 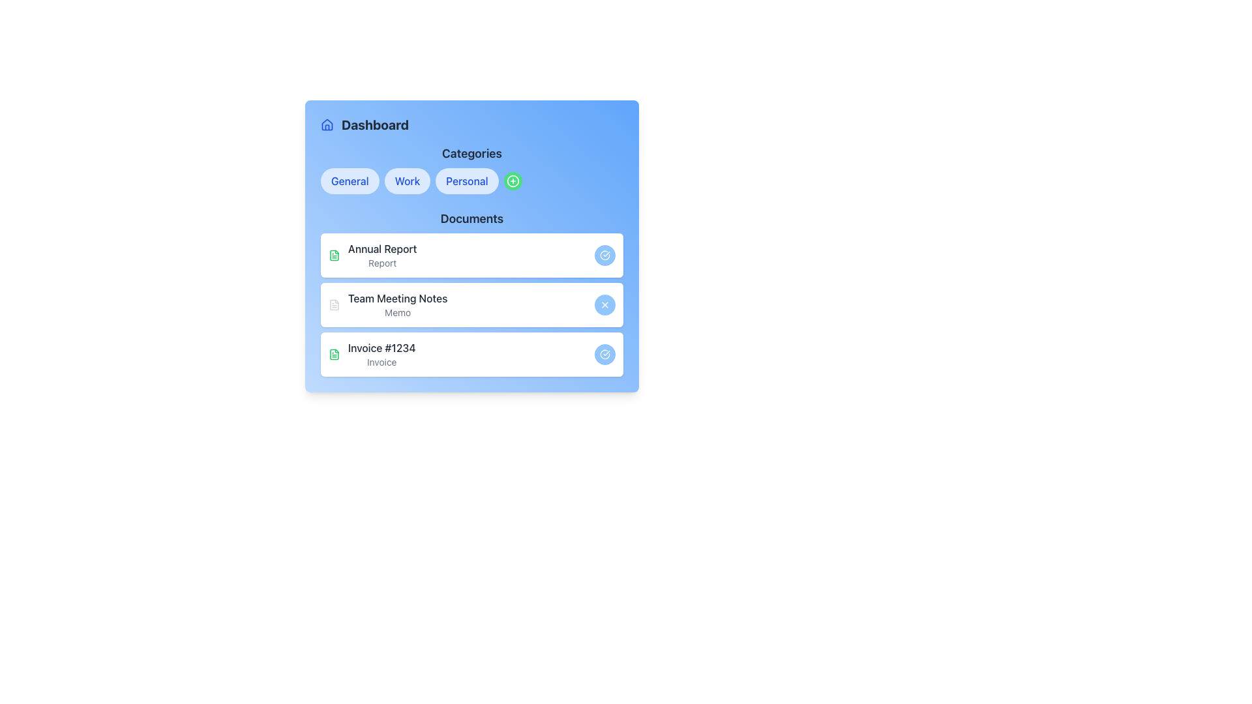 What do you see at coordinates (381, 263) in the screenshot?
I see `text content of the descriptive label positioned under the 'Annual Report' title, which is the second line of text in the document list` at bounding box center [381, 263].